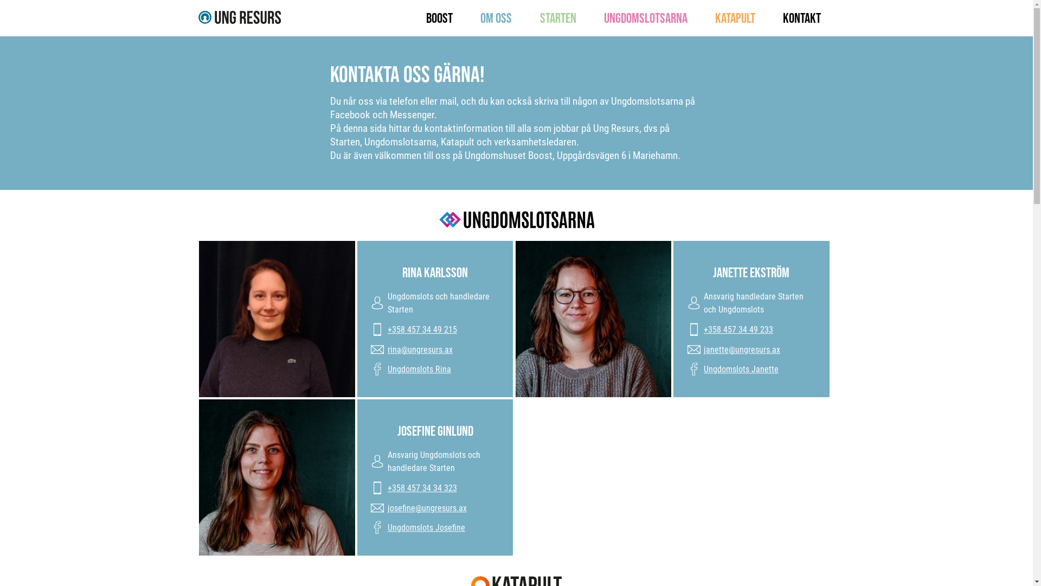 The height and width of the screenshot is (586, 1041). Describe the element at coordinates (738, 328) in the screenshot. I see `'+358 457 34 49 233'` at that location.